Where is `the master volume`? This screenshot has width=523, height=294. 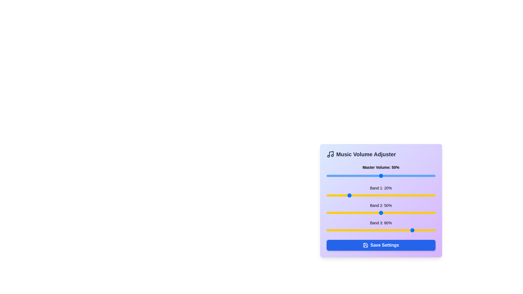
the master volume is located at coordinates (416, 176).